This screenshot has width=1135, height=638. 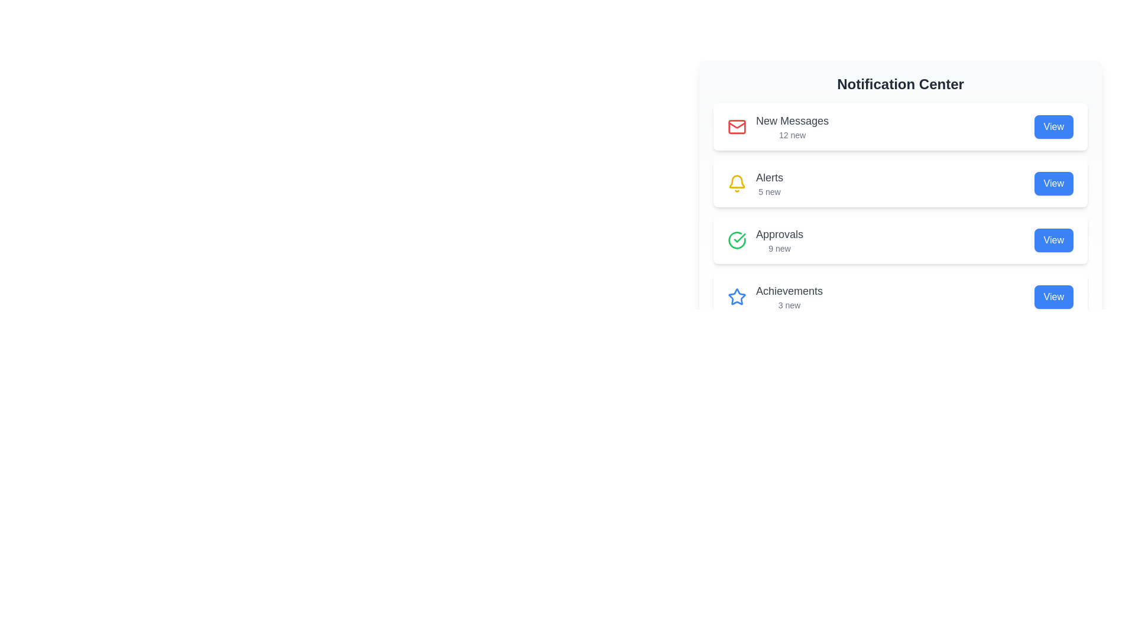 What do you see at coordinates (900, 178) in the screenshot?
I see `the 'Alerts' notification block with a yellow bell icon and 'View' button for keyboard interaction` at bounding box center [900, 178].